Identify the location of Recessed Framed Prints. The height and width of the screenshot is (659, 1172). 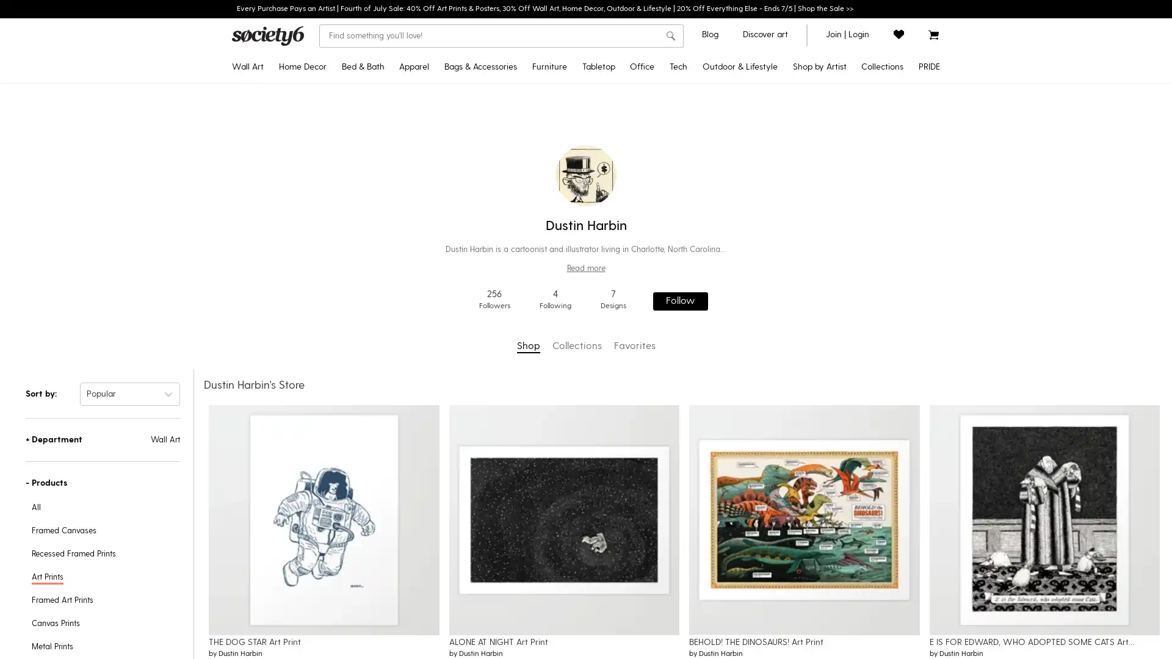
(287, 137).